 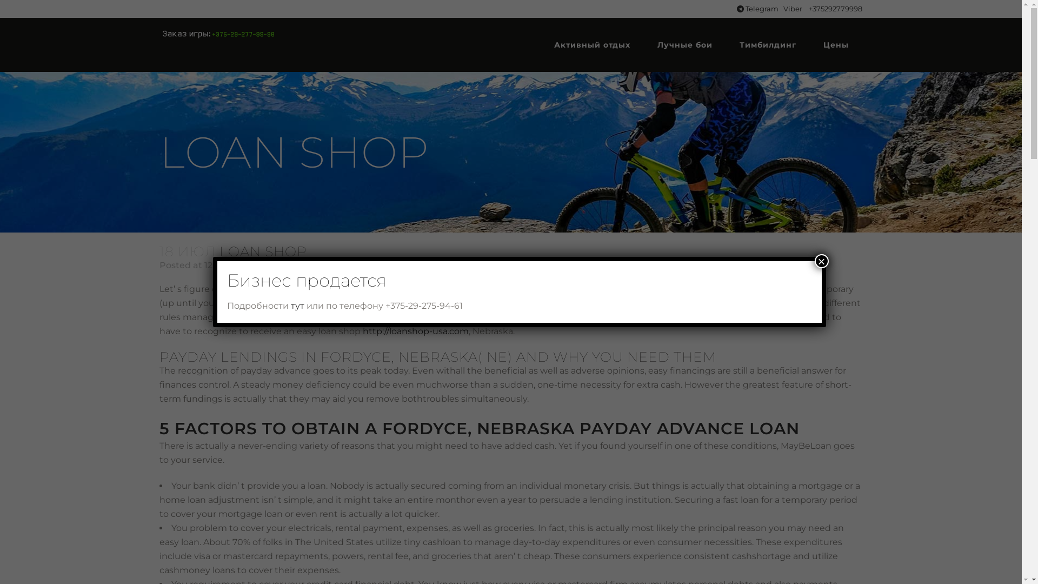 I want to click on 'Viber', so click(x=794, y=8).